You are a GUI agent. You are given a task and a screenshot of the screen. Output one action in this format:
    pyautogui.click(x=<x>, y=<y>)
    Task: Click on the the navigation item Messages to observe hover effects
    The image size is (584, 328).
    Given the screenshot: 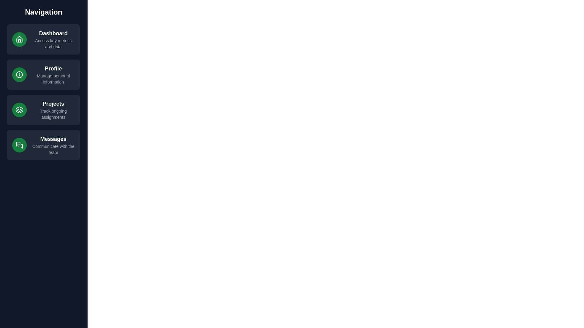 What is the action you would take?
    pyautogui.click(x=43, y=145)
    